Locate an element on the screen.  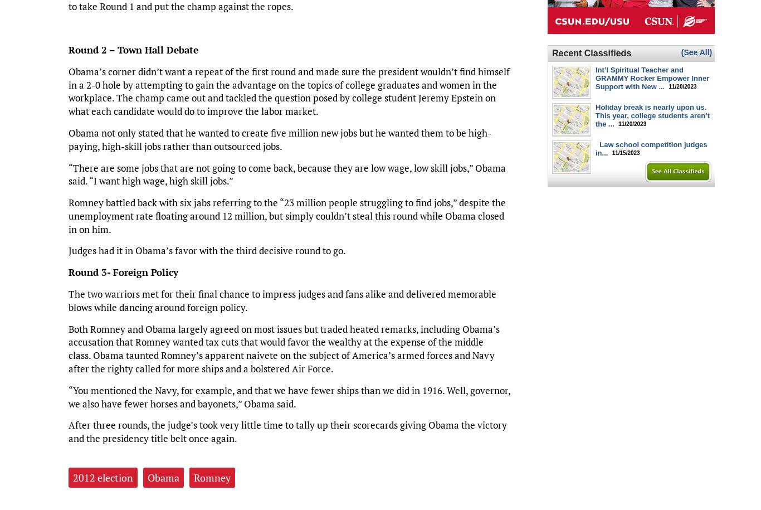
'“There are some jobs that are not going to come back, because they are low wage, low skill jobs,” Obama said. “I want high wage, high skill jobs.”' is located at coordinates (287, 174).